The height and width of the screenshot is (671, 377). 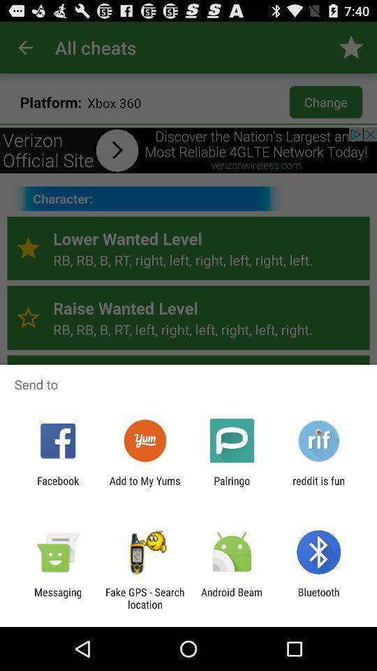 I want to click on the bluetooth app, so click(x=318, y=598).